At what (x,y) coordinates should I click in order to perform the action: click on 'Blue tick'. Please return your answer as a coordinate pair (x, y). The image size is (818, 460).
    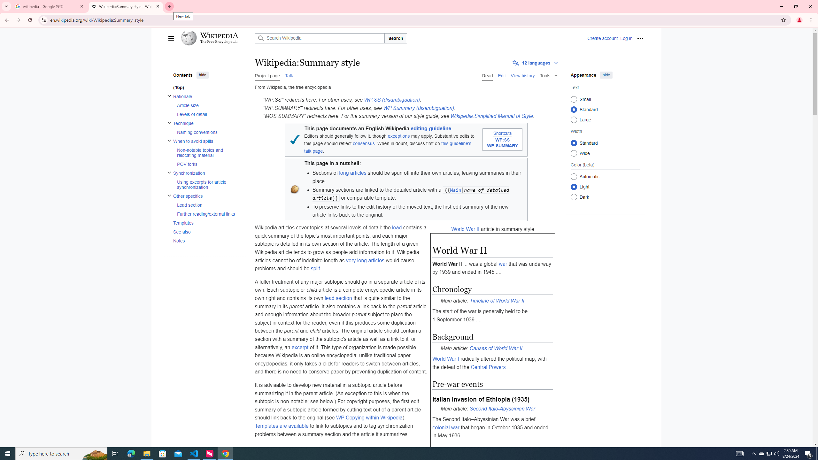
    Looking at the image, I should click on (294, 139).